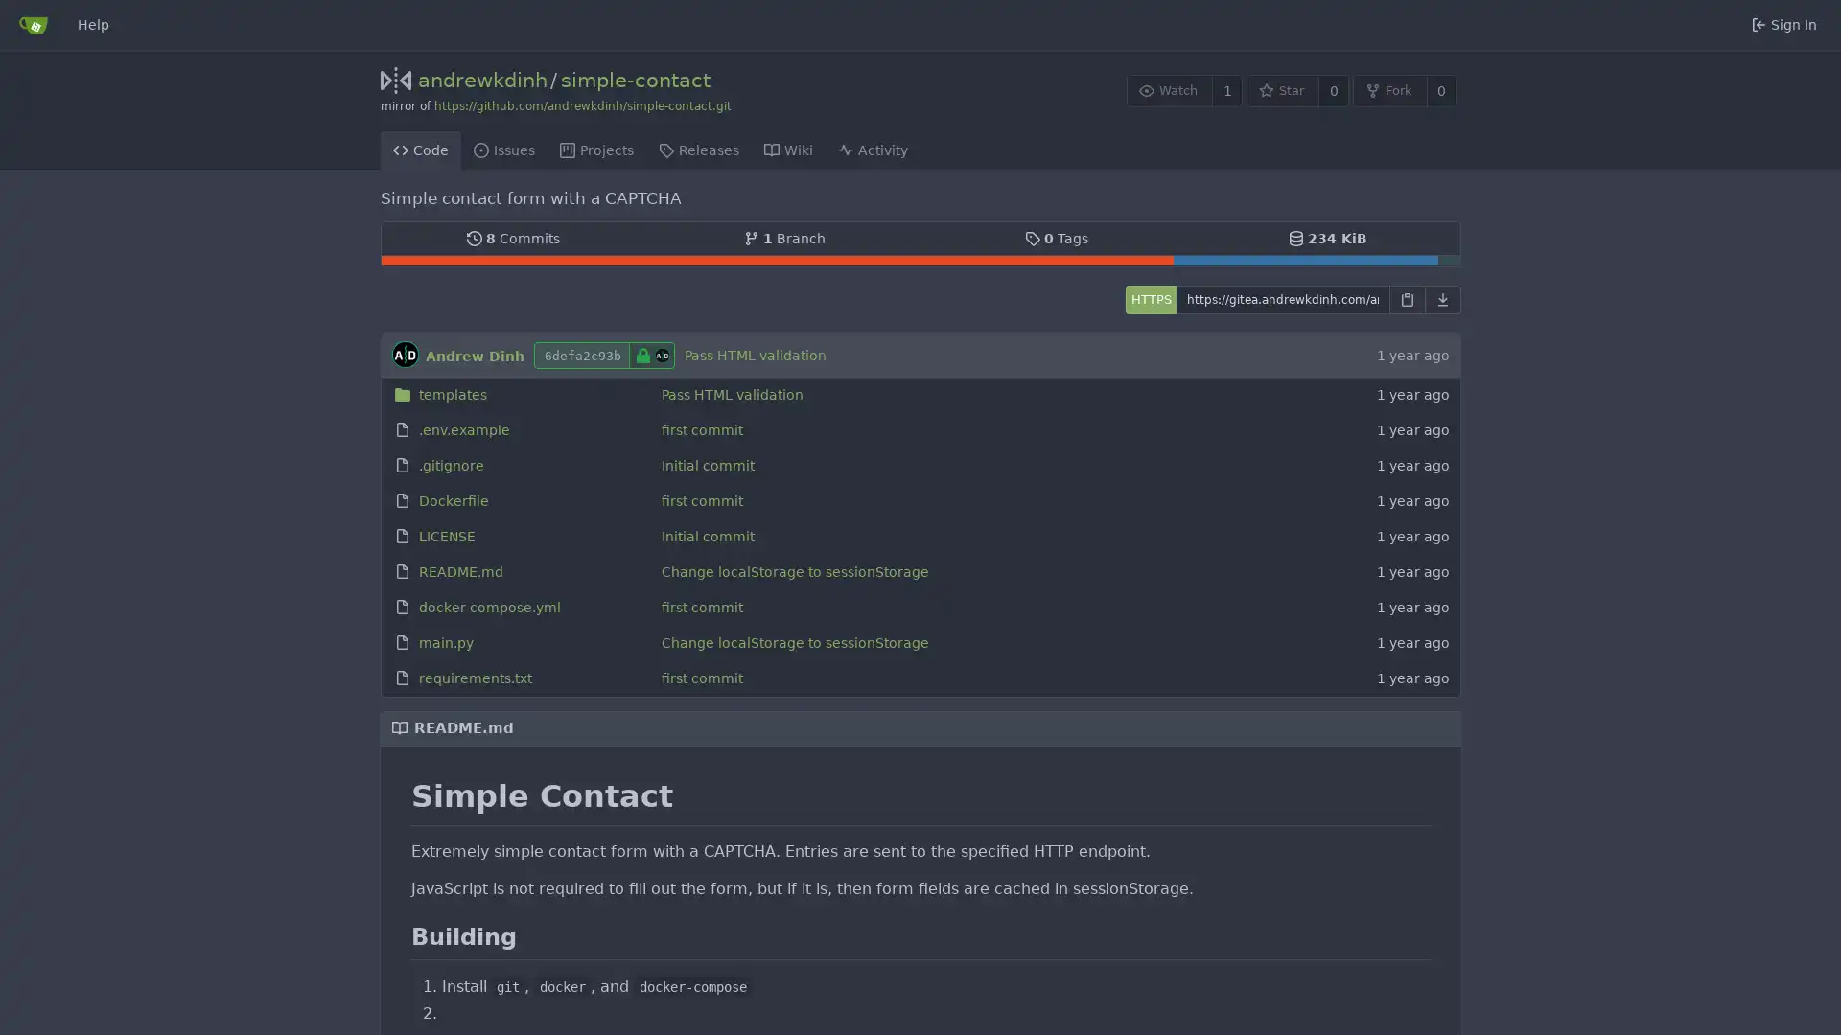 This screenshot has height=1035, width=1841. Describe the element at coordinates (1282, 90) in the screenshot. I see `Star` at that location.